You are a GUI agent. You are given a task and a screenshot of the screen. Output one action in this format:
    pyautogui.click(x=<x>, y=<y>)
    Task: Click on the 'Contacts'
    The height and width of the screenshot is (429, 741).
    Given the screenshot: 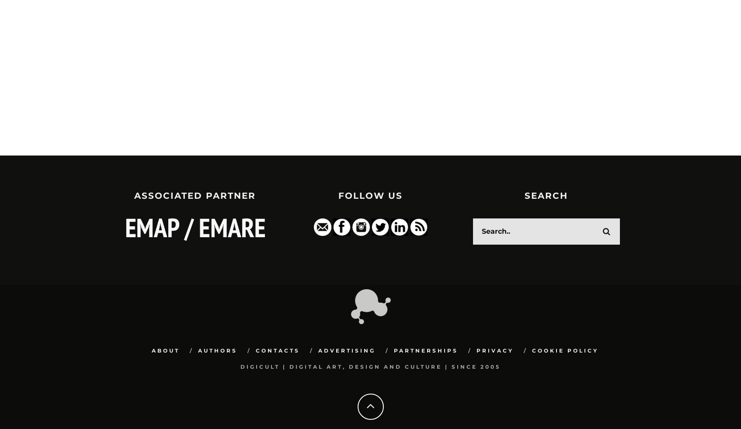 What is the action you would take?
    pyautogui.click(x=277, y=351)
    